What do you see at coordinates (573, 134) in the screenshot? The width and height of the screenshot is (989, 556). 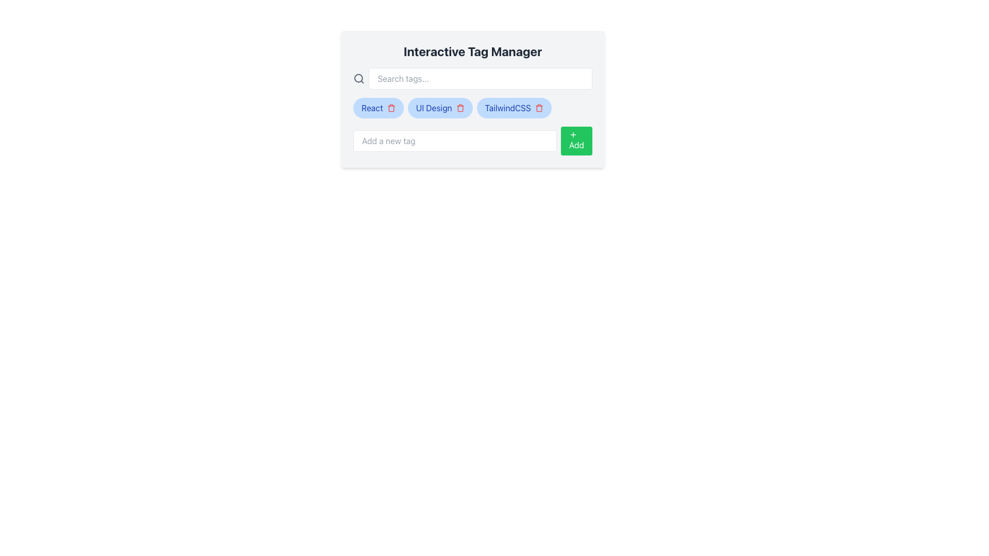 I see `the '+' icon within the green 'Add' button` at bounding box center [573, 134].